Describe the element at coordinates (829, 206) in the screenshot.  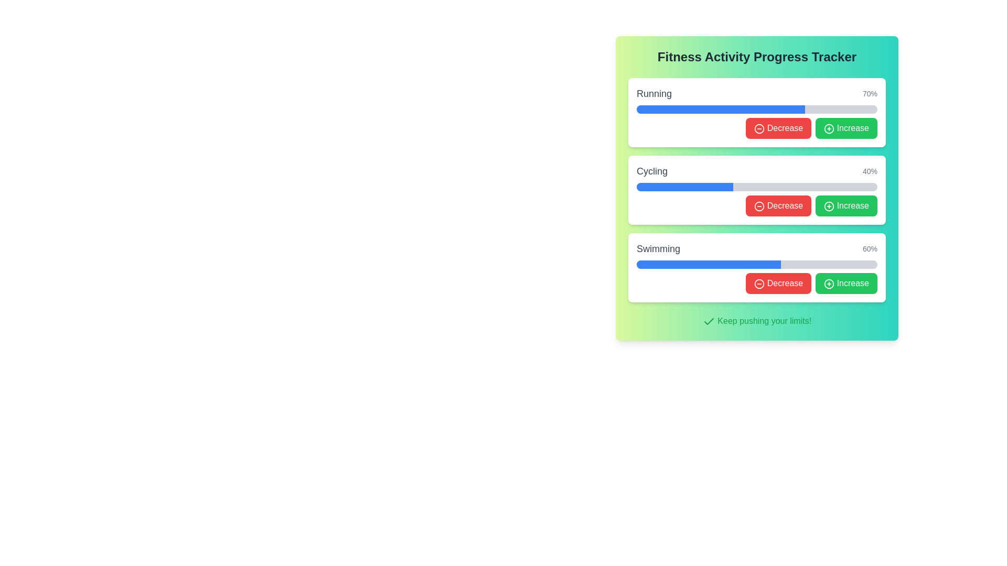
I see `the green circular icon with a plus symbol inside, located at the right end of the green 'Increase' button in the Cycling section` at that location.